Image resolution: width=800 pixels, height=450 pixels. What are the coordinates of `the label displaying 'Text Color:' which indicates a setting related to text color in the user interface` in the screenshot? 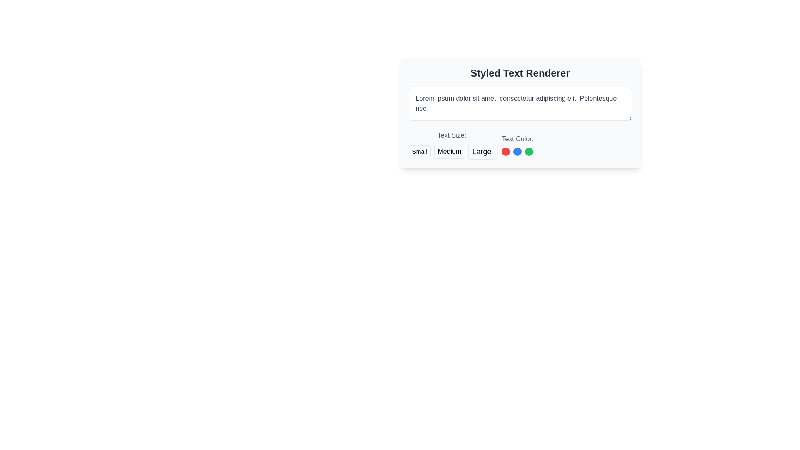 It's located at (517, 139).